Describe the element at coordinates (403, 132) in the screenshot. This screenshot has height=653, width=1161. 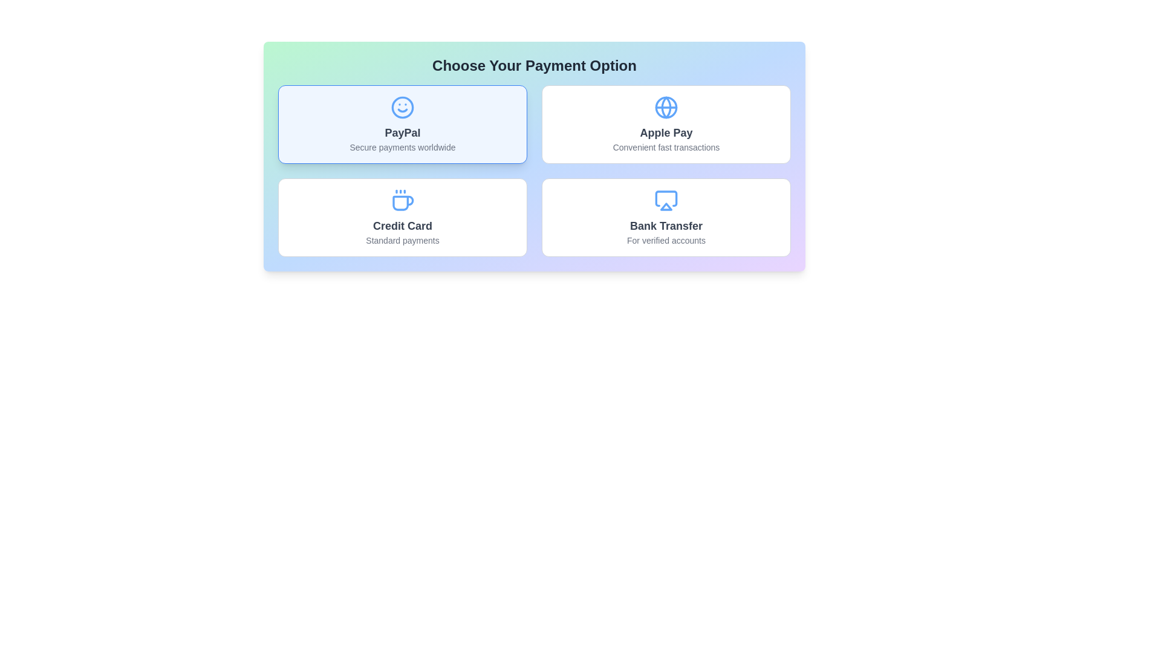
I see `the Text Label that identifies the payment method as PayPal, located in the top-left card of the payment method selection grid, positioned below a smiley face icon and above the text 'Secure payments worldwide'` at that location.